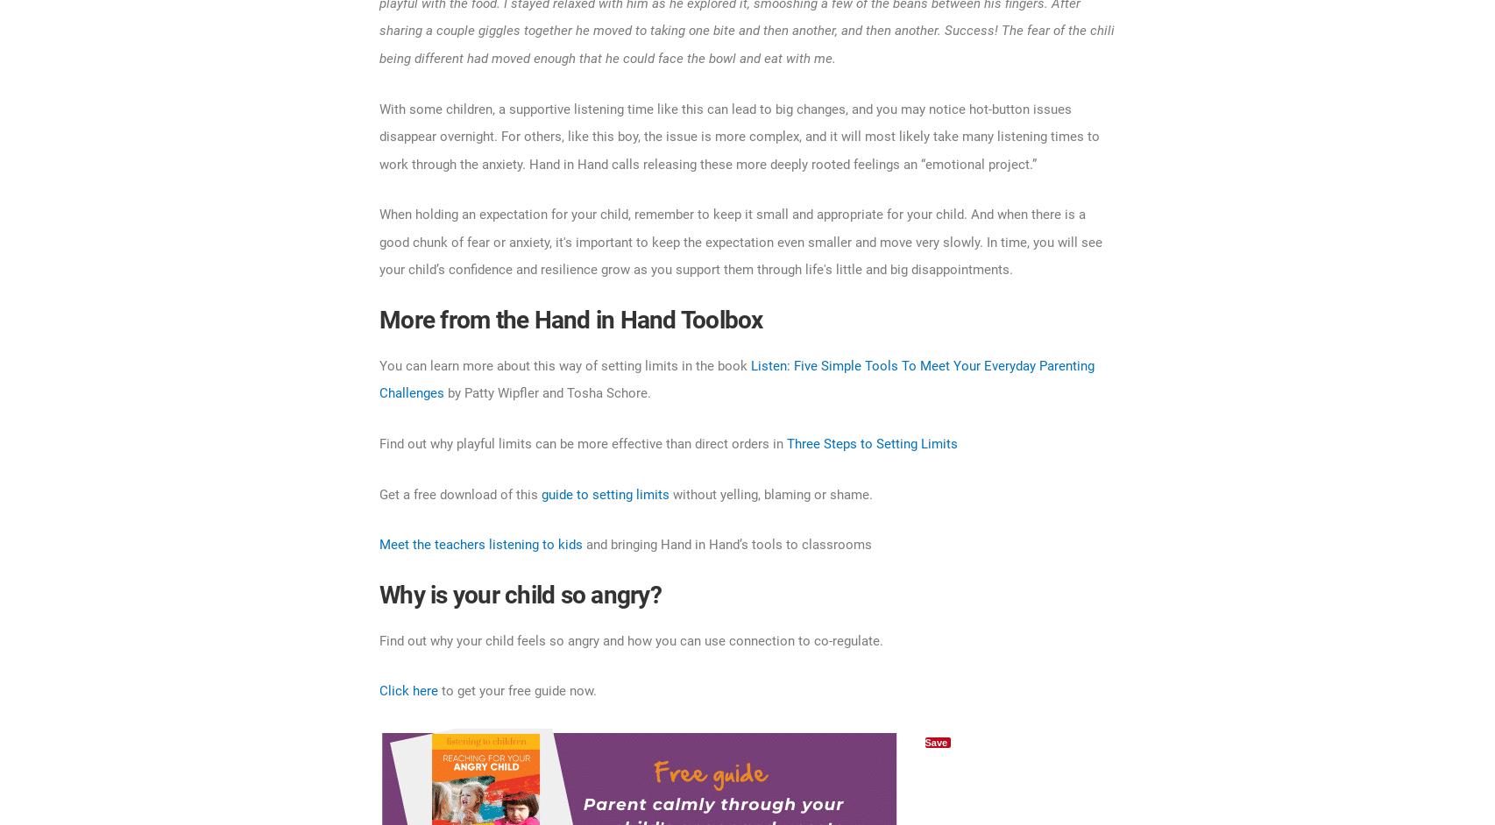  Describe the element at coordinates (630, 638) in the screenshot. I see `'Find out why your child feels so angry and how you can use connection to co-regulate.'` at that location.